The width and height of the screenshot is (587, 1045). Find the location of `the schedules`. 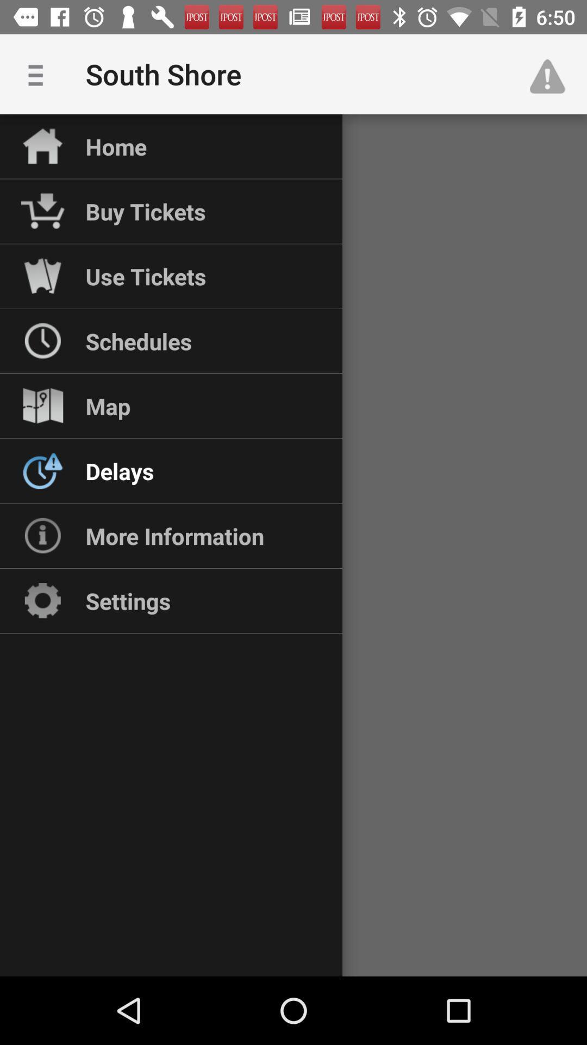

the schedules is located at coordinates (138, 341).